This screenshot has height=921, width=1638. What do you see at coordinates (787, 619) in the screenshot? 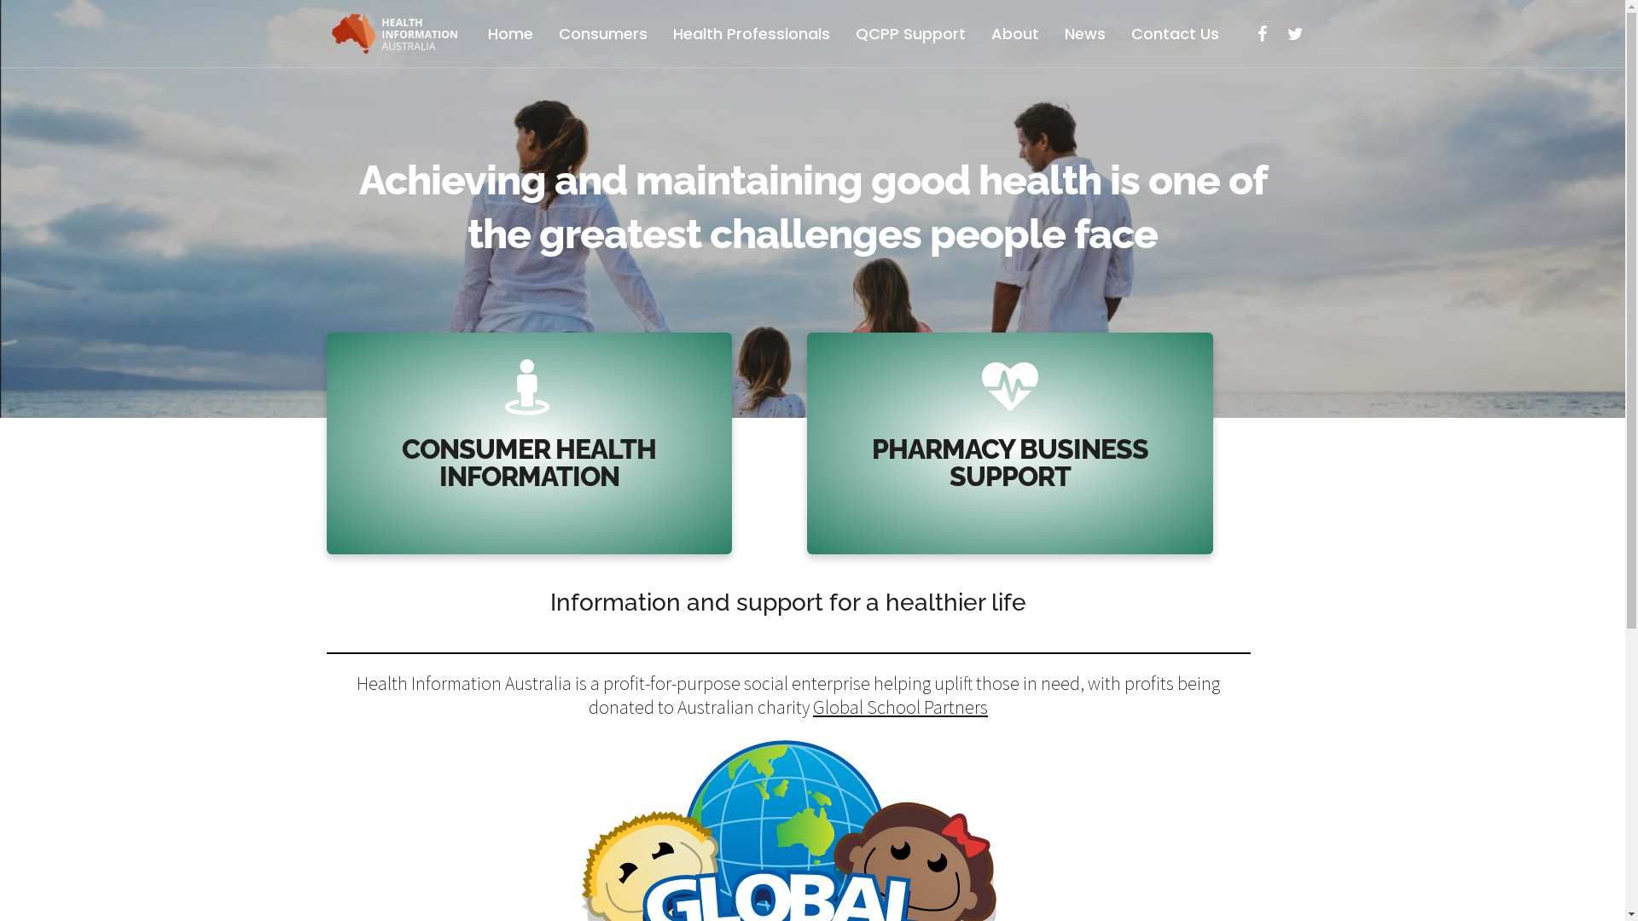
I see `'Information and support for a healthier life'` at bounding box center [787, 619].